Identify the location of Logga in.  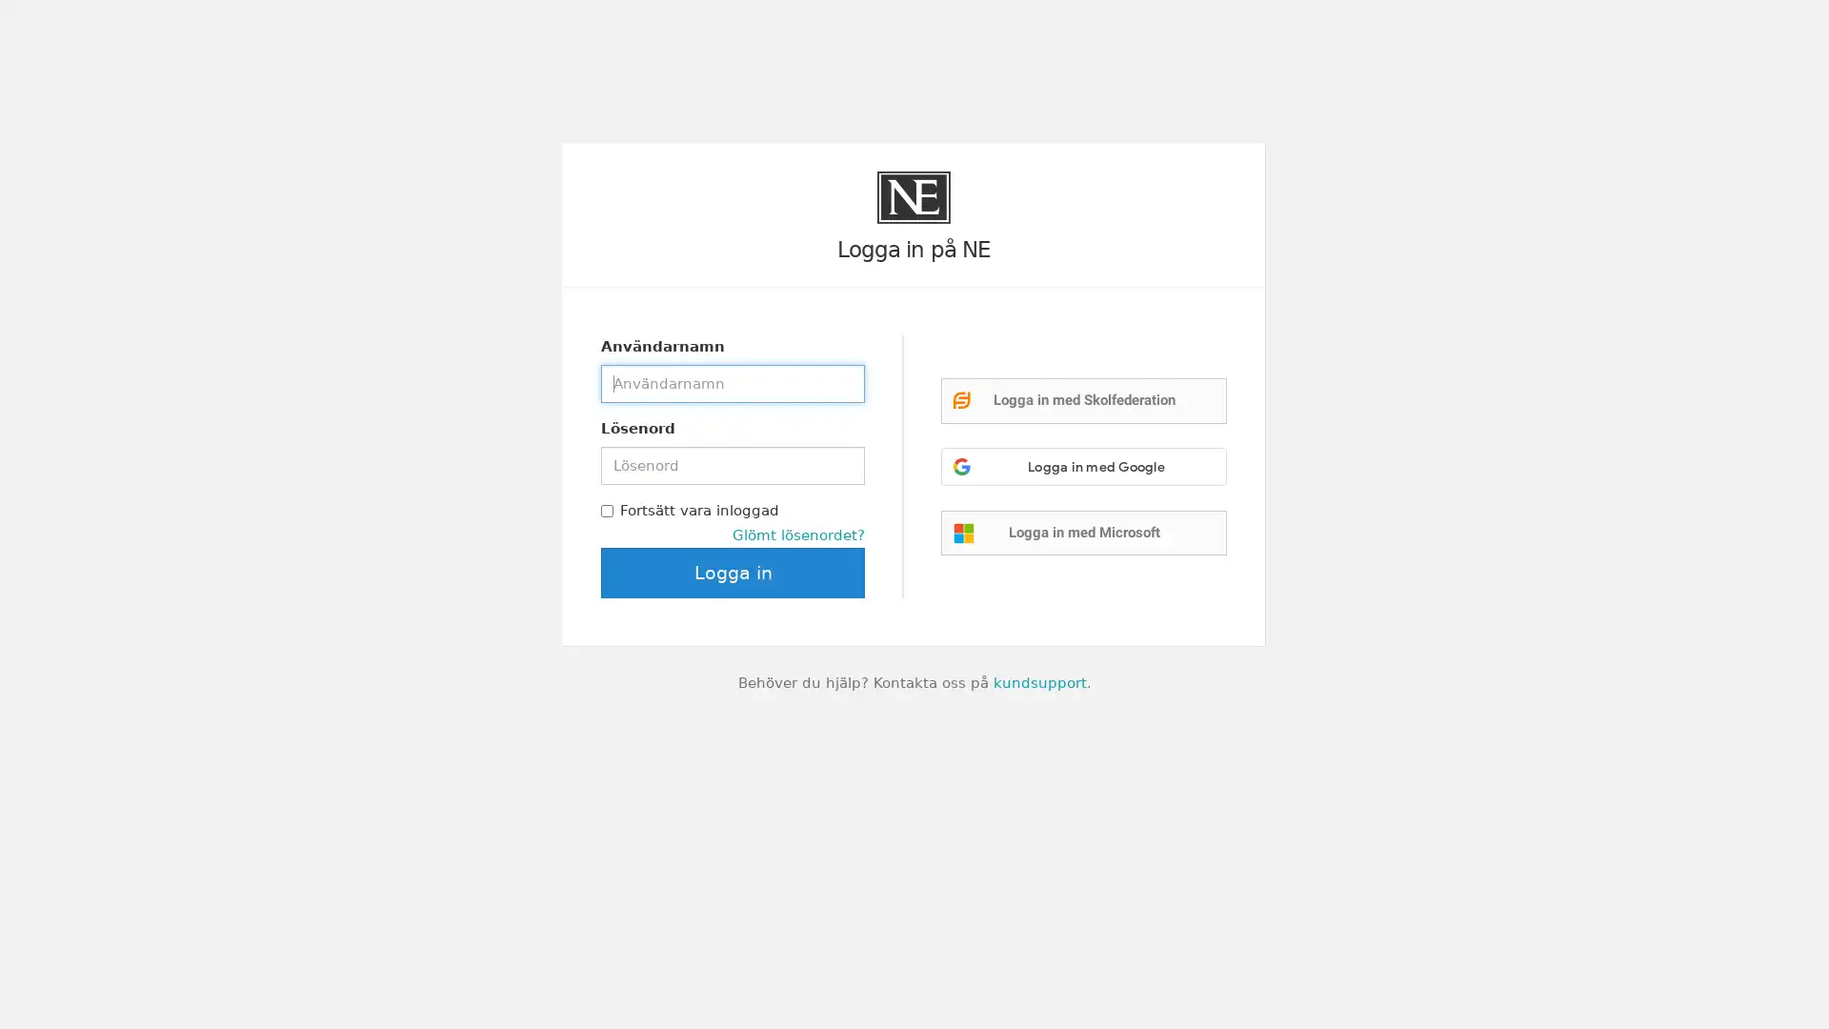
(732, 572).